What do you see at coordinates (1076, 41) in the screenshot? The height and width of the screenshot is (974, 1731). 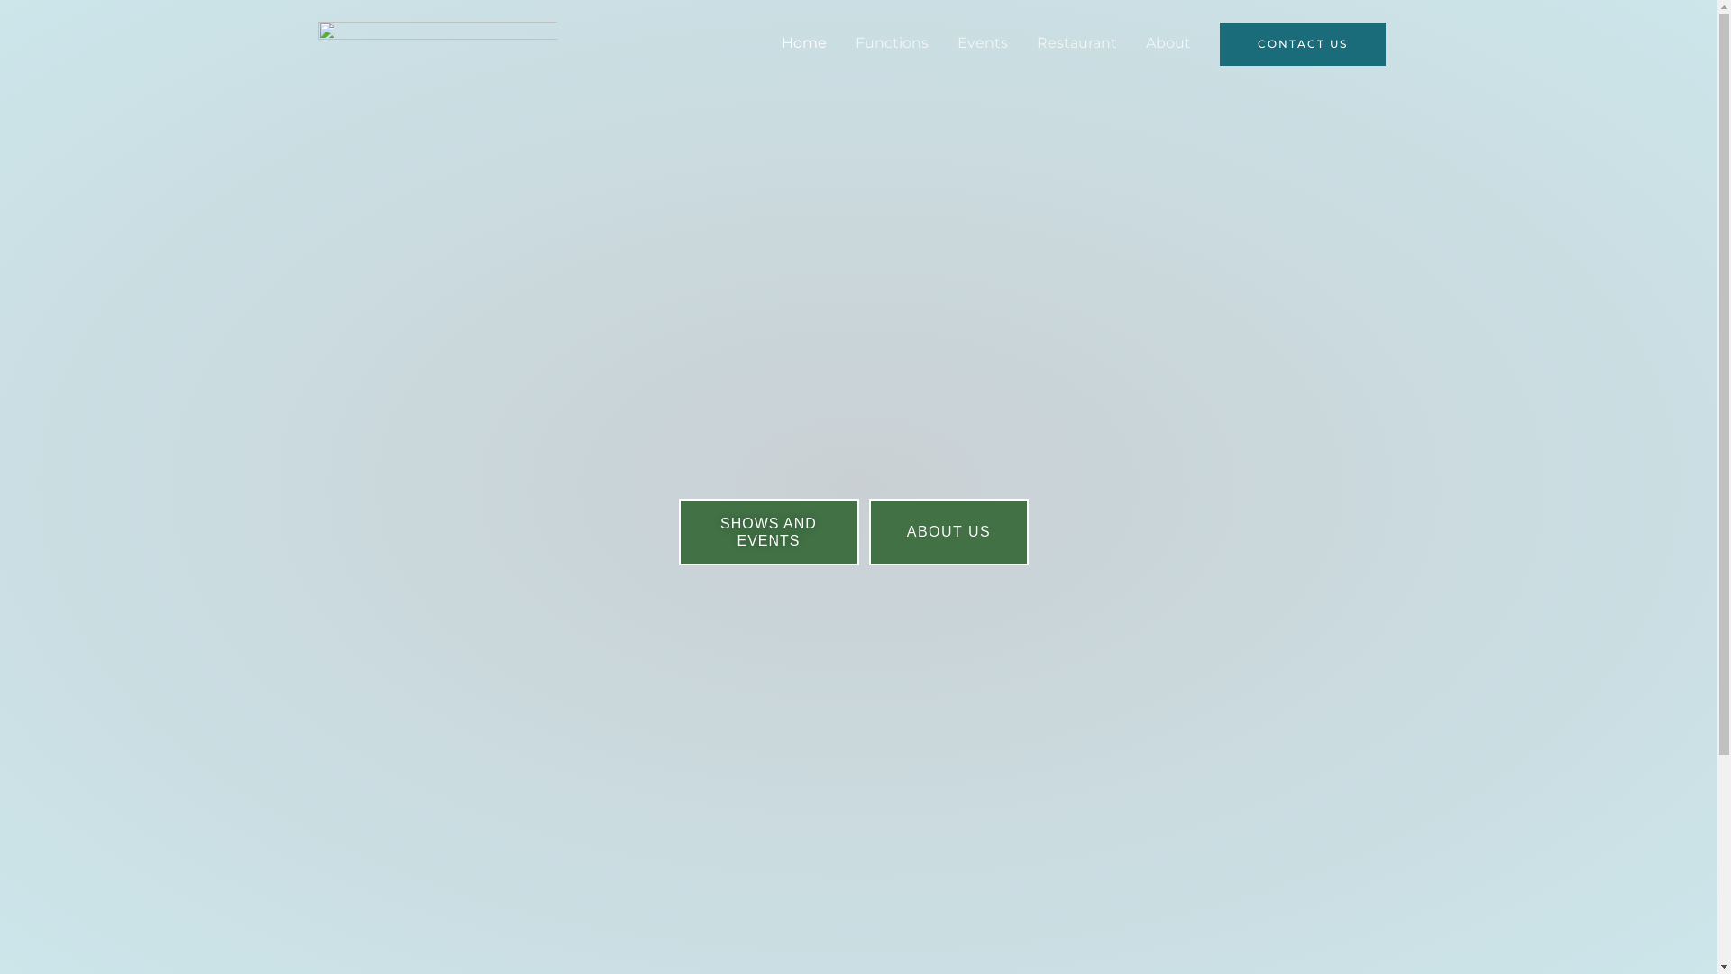 I see `'Restaurant'` at bounding box center [1076, 41].